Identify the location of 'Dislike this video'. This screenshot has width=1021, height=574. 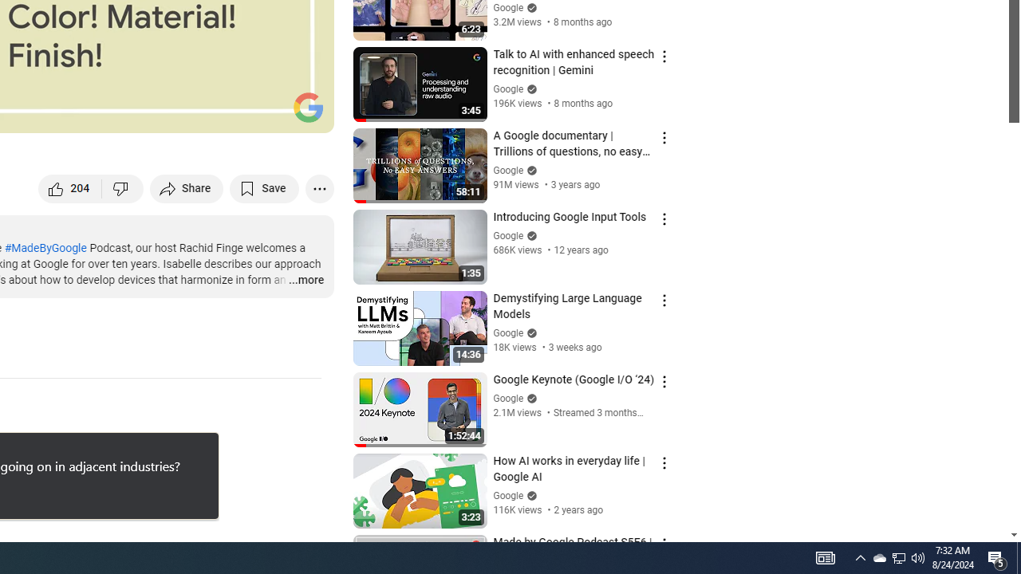
(122, 187).